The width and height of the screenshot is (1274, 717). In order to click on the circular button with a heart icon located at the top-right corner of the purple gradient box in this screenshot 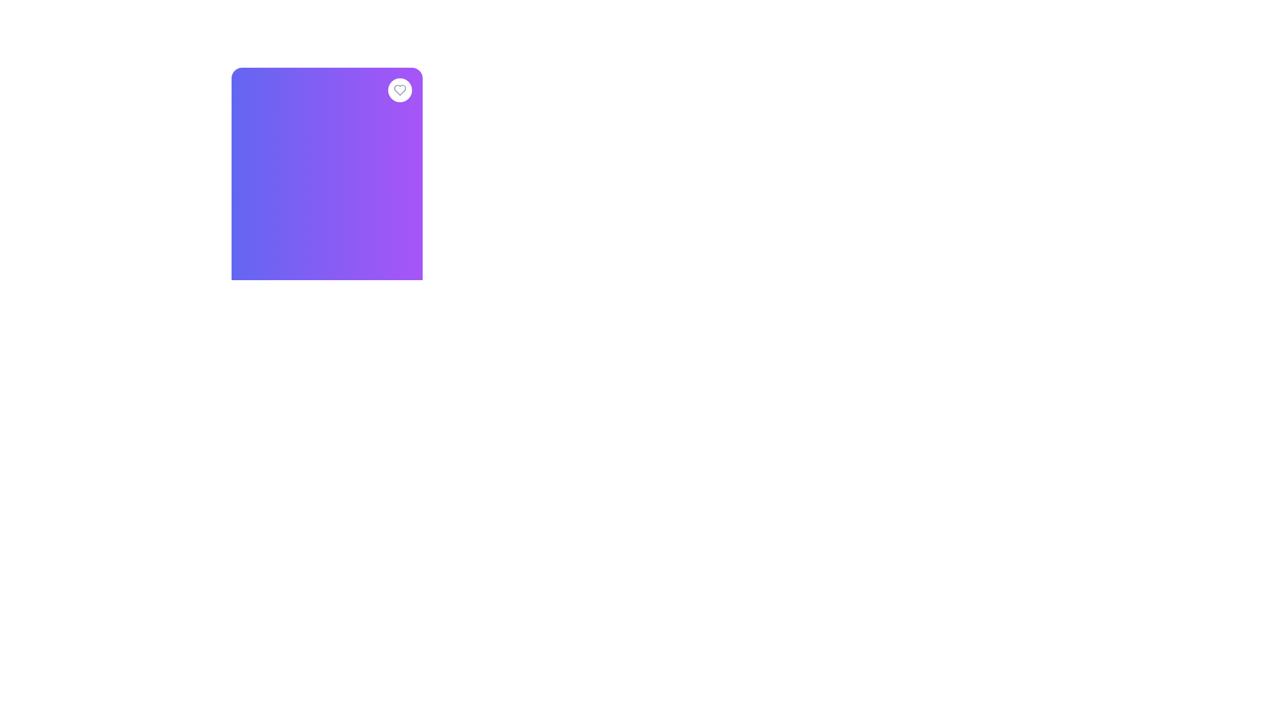, I will do `click(399, 90)`.